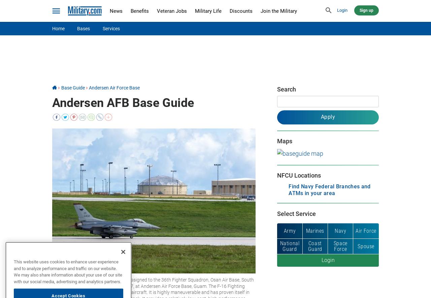 This screenshot has width=431, height=298. What do you see at coordinates (111, 28) in the screenshot?
I see `'Services'` at bounding box center [111, 28].